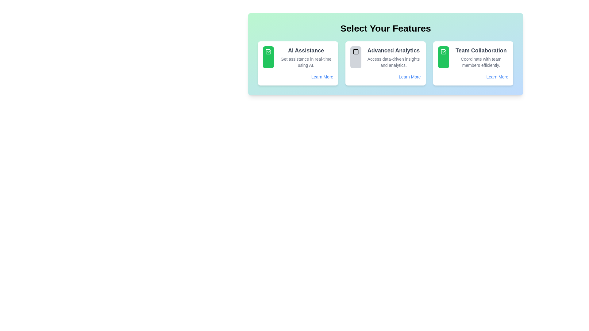  What do you see at coordinates (473, 63) in the screenshot?
I see `title and subtitle of the third card in the grid layout about 'Team Collaboration' for information purposes` at bounding box center [473, 63].